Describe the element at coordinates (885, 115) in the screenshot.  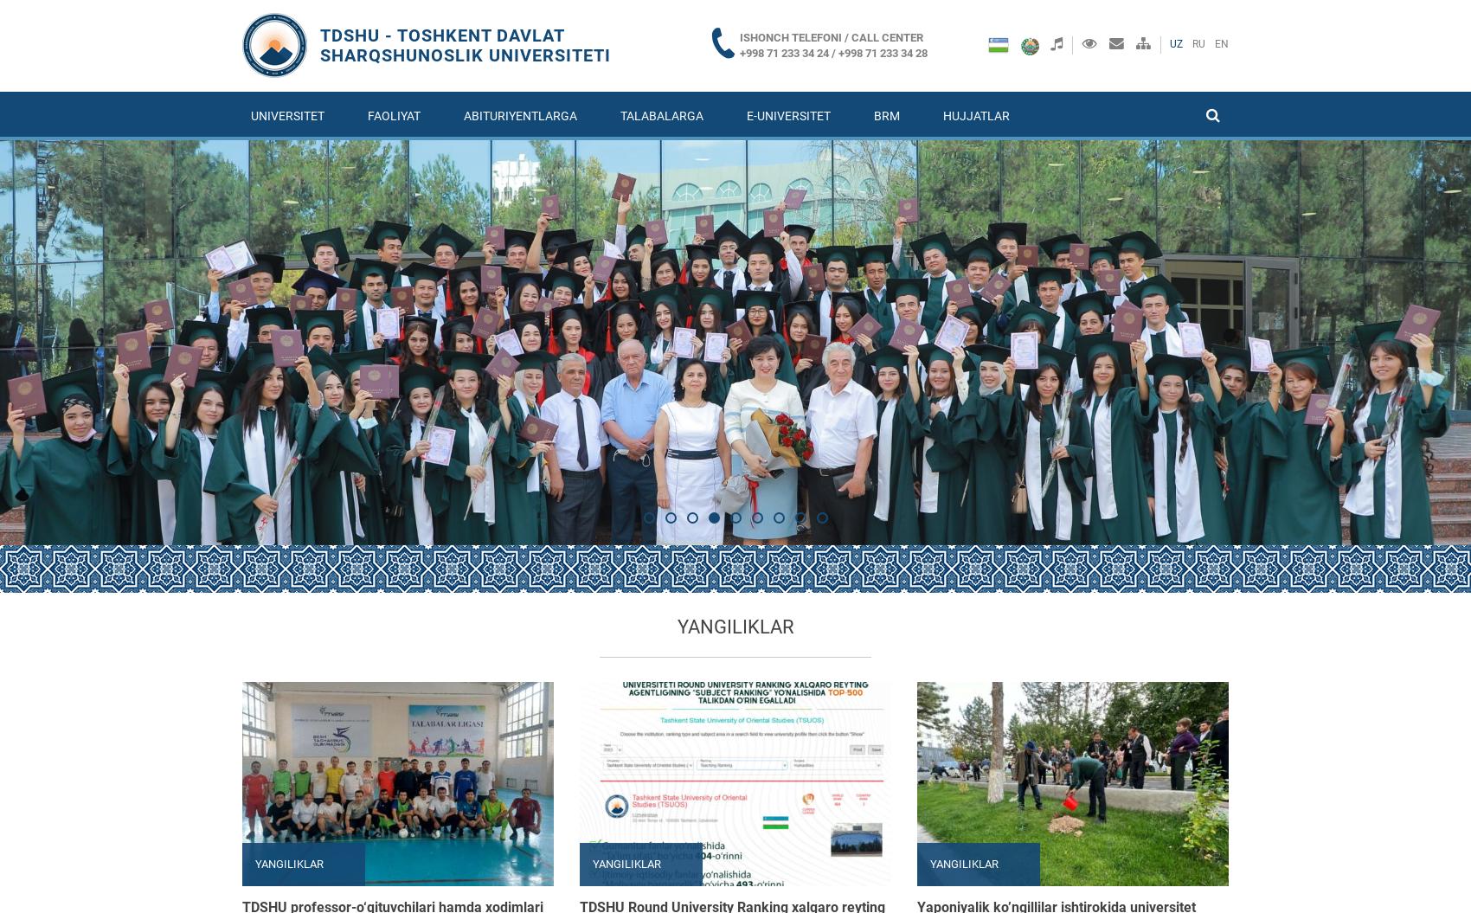
I see `'BRM'` at that location.